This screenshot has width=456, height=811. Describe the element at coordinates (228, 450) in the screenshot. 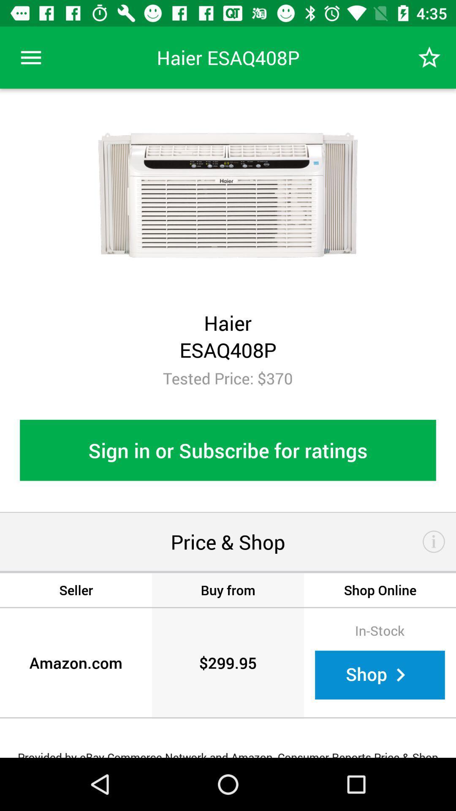

I see `item below tested price: $370` at that location.